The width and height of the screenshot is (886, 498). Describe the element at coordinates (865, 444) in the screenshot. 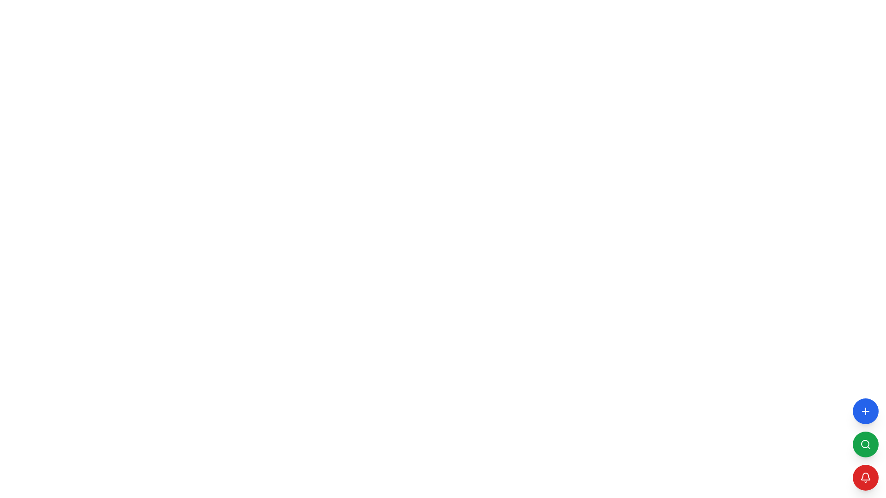

I see `the green circular search button with a white magnifying glass icon, located in the middle of a vertical stack of three buttons at the bottom-right corner of the interface` at that location.